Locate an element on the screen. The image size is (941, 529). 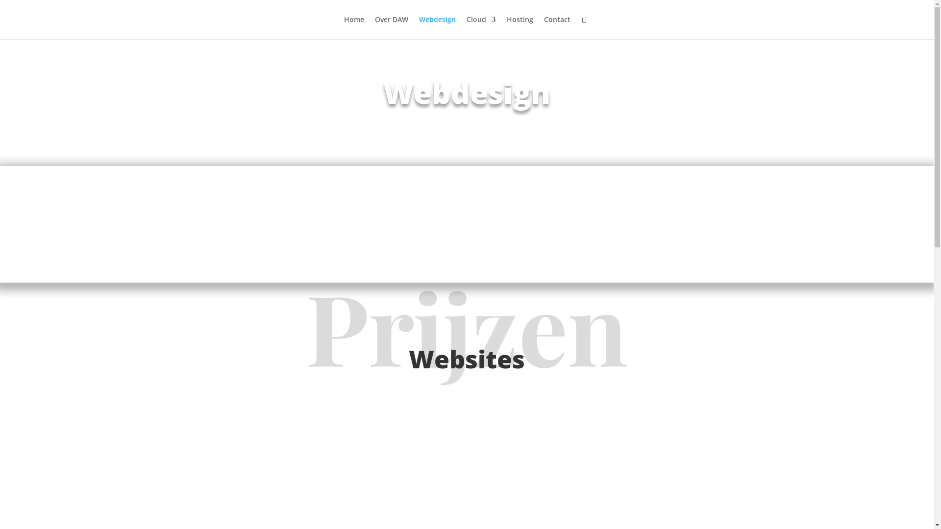
'Hosting' is located at coordinates (506, 27).